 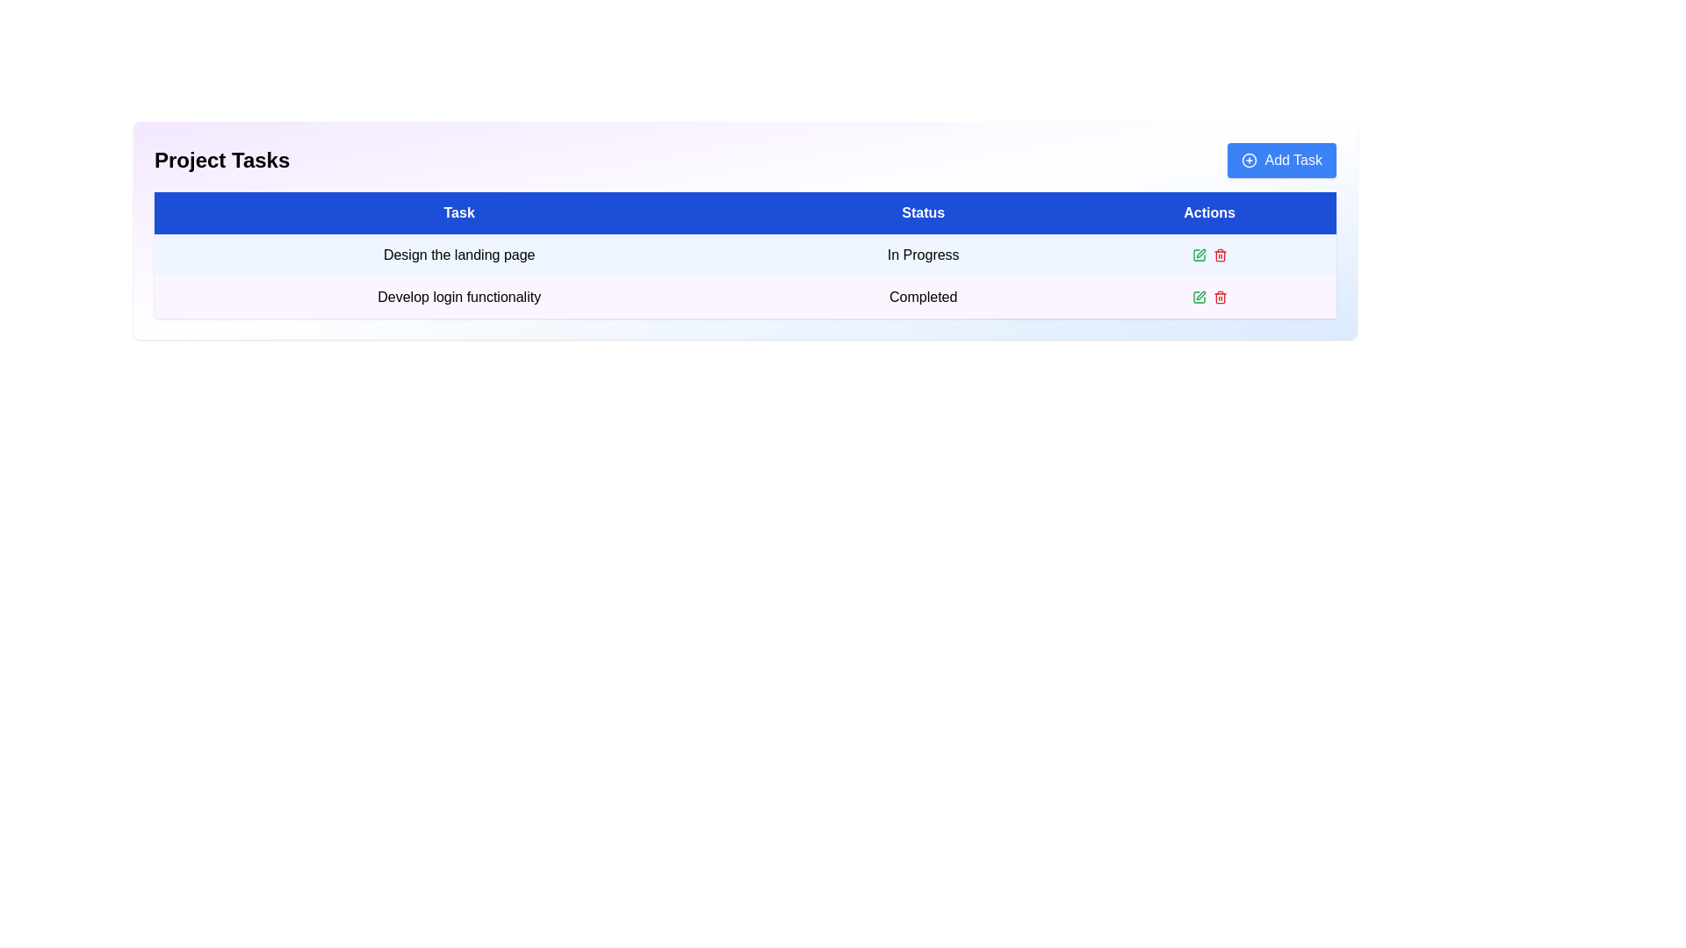 I want to click on the appearance of the small circular '+' icon located to the left of the 'Add Task' text within the top-right button of the application interface, so click(x=1249, y=160).